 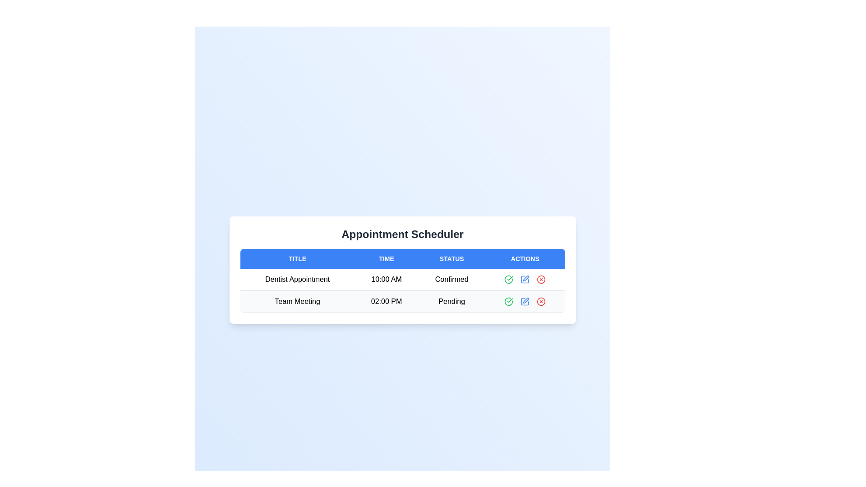 What do you see at coordinates (509, 301) in the screenshot?
I see `the leftmost icon button in the second row of the 'Actions' column to mark the associated item as complete` at bounding box center [509, 301].